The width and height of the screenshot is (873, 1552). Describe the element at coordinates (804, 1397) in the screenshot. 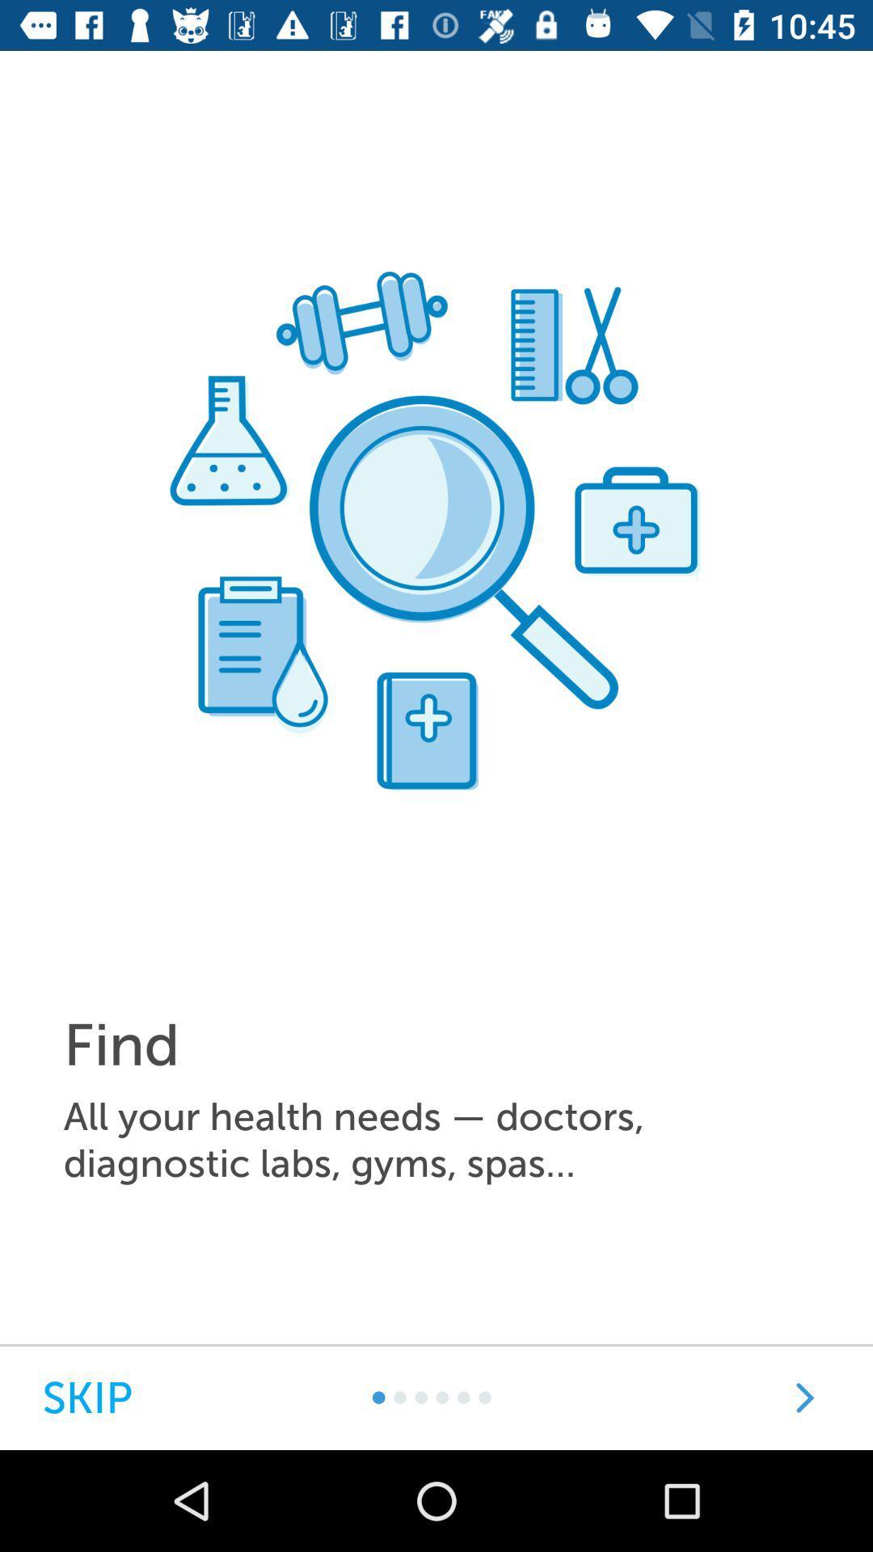

I see `next page to start your search` at that location.